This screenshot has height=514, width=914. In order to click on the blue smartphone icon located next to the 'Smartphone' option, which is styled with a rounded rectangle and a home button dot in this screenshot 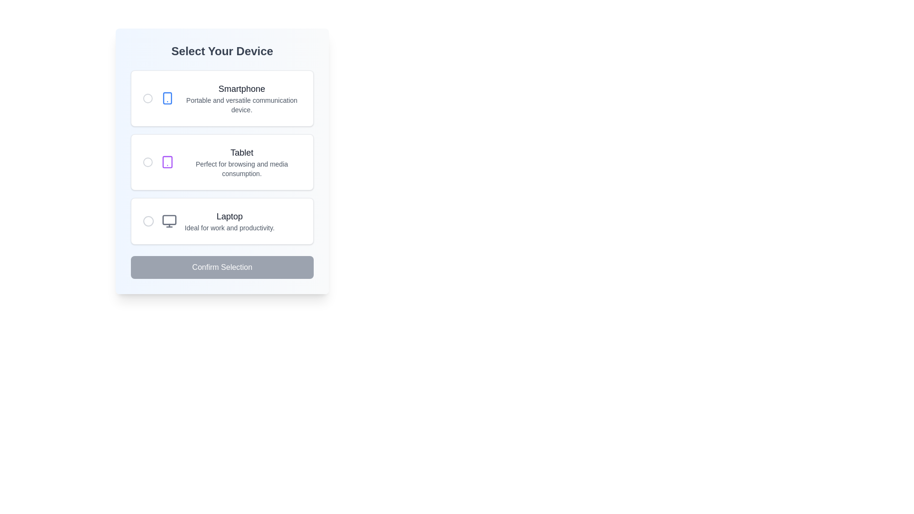, I will do `click(167, 99)`.